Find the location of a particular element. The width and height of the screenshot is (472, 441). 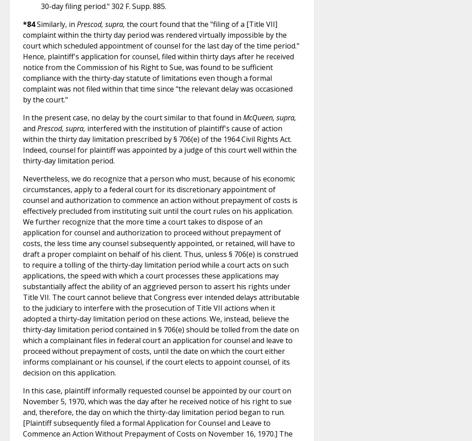

'McQueen, supra' is located at coordinates (243, 117).